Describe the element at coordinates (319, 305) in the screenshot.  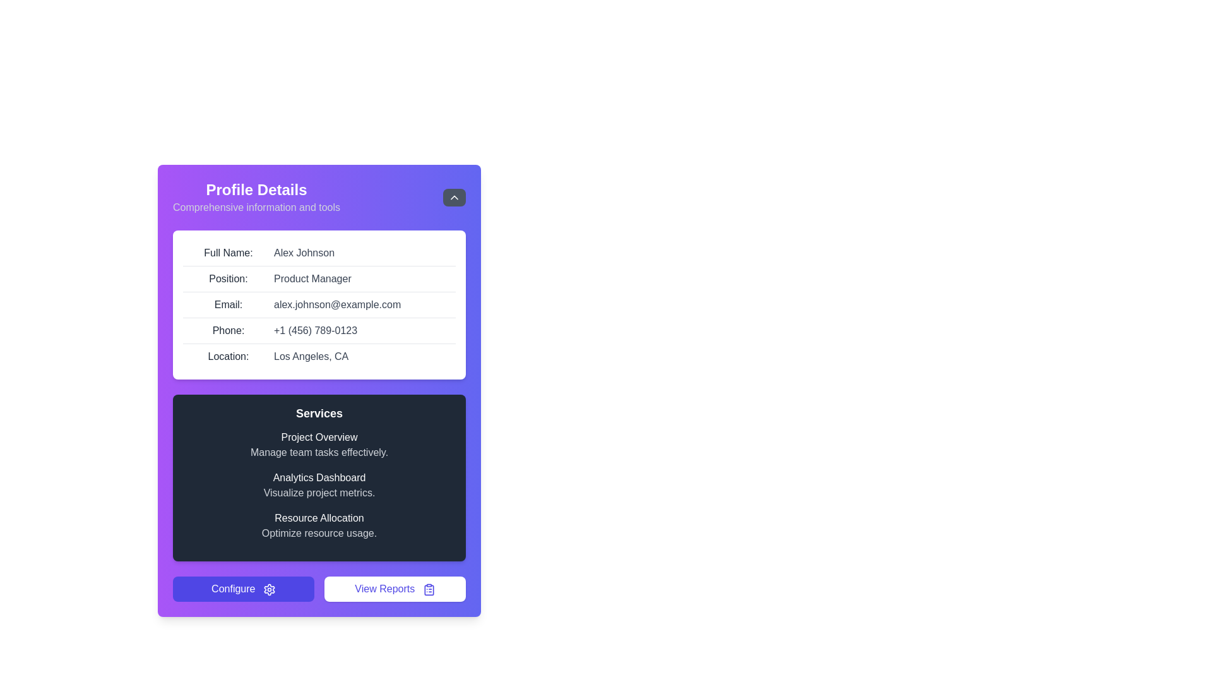
I see `the static text field displaying the email address of the individual, which is located in the middle section of the profile details card, specifically as the third item in a vertically arranged list of information` at that location.